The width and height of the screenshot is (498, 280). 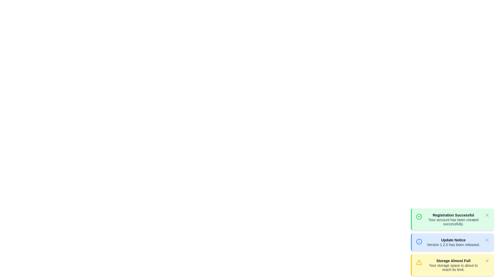 What do you see at coordinates (419, 262) in the screenshot?
I see `the Warning/Alert Icon located within the 'Storage Almost Full' notification box` at bounding box center [419, 262].